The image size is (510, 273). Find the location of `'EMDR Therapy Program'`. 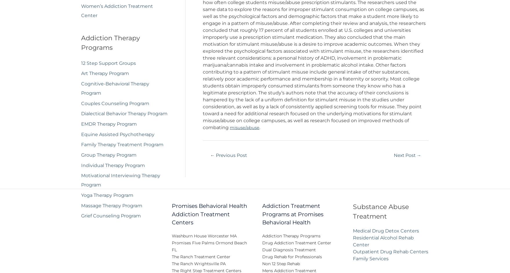

'EMDR Therapy Program' is located at coordinates (81, 127).